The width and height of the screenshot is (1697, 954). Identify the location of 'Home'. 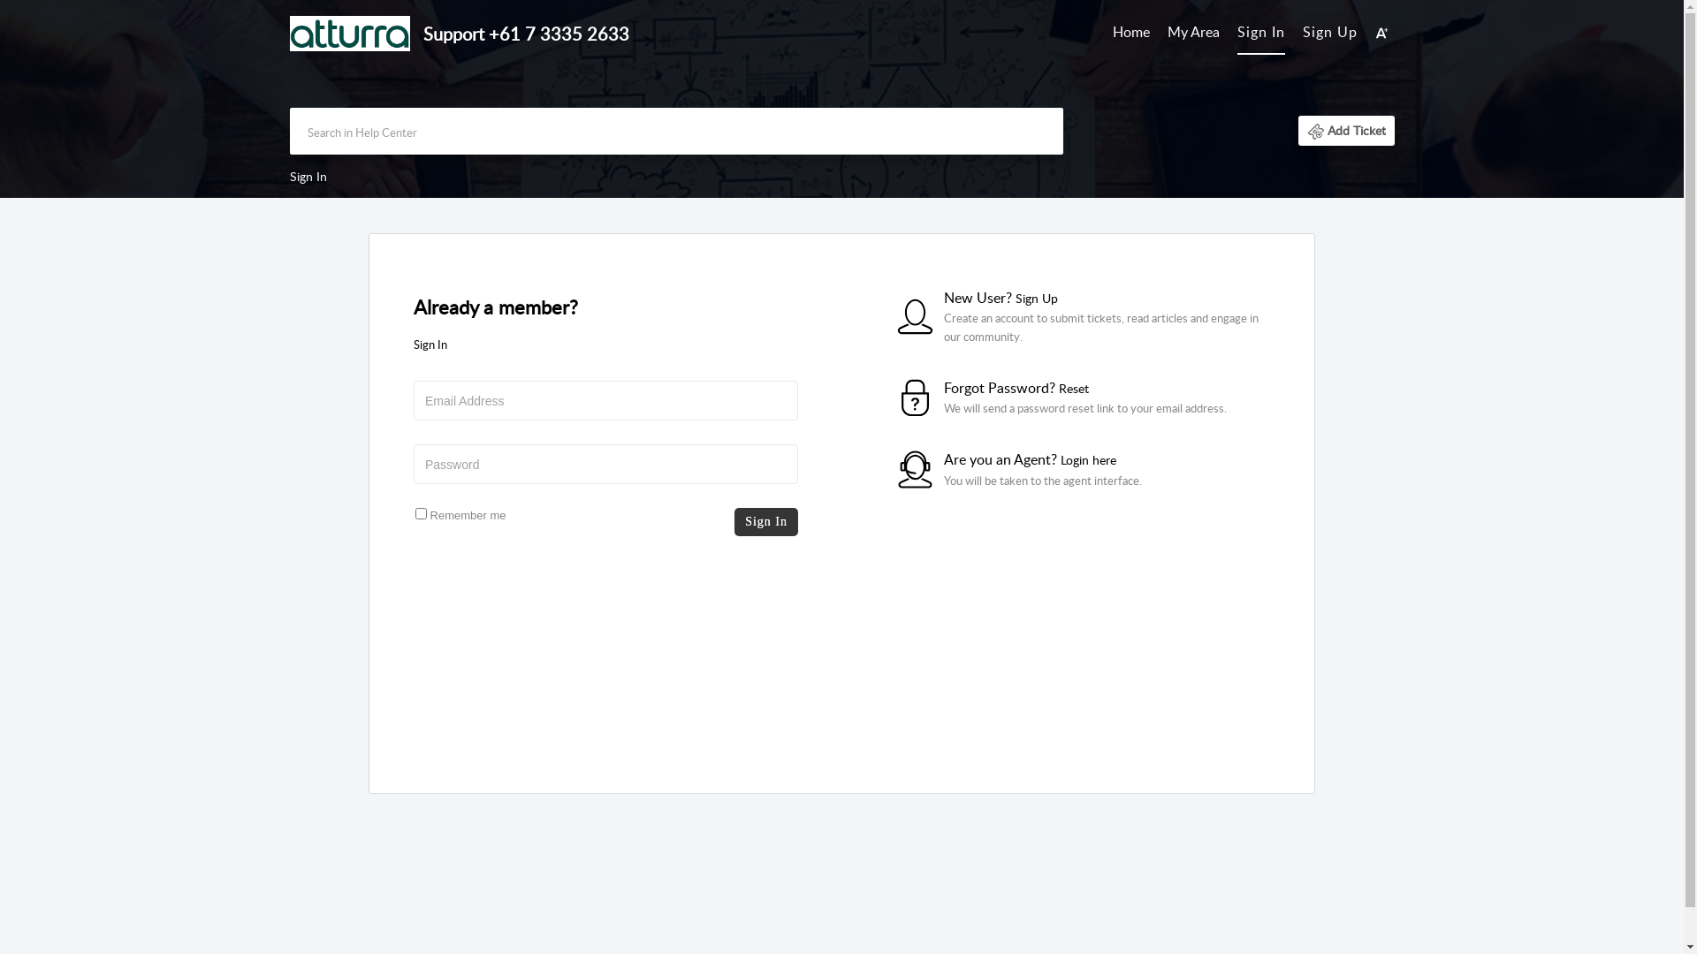
(1131, 33).